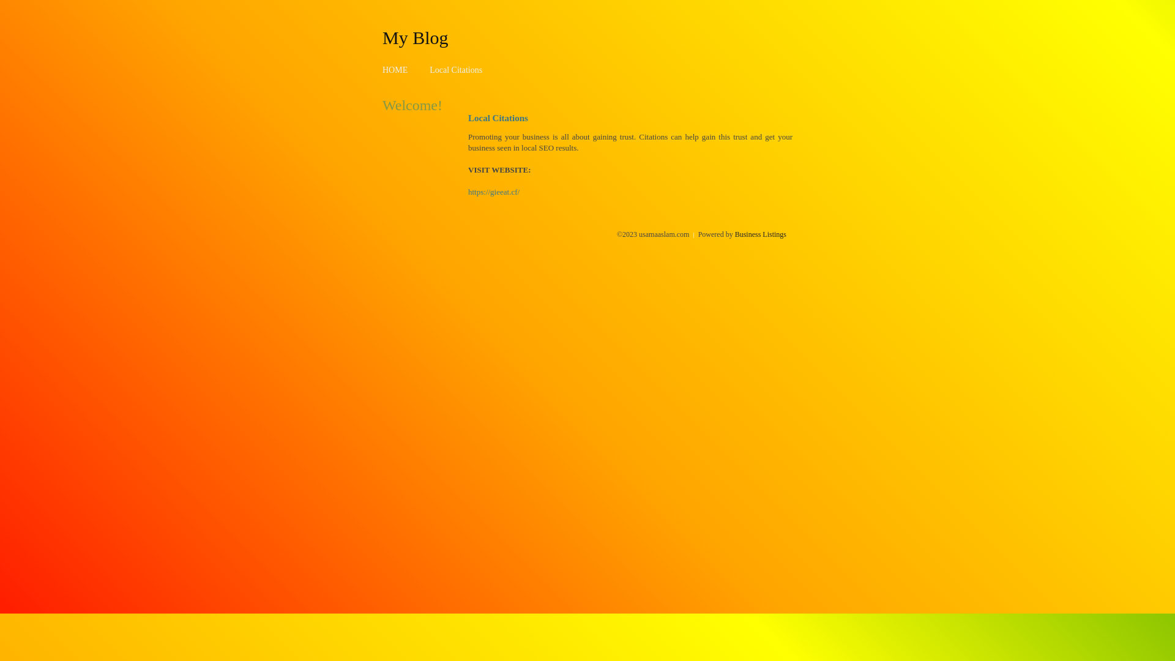 The image size is (1175, 661). Describe the element at coordinates (395, 70) in the screenshot. I see `'HOME'` at that location.